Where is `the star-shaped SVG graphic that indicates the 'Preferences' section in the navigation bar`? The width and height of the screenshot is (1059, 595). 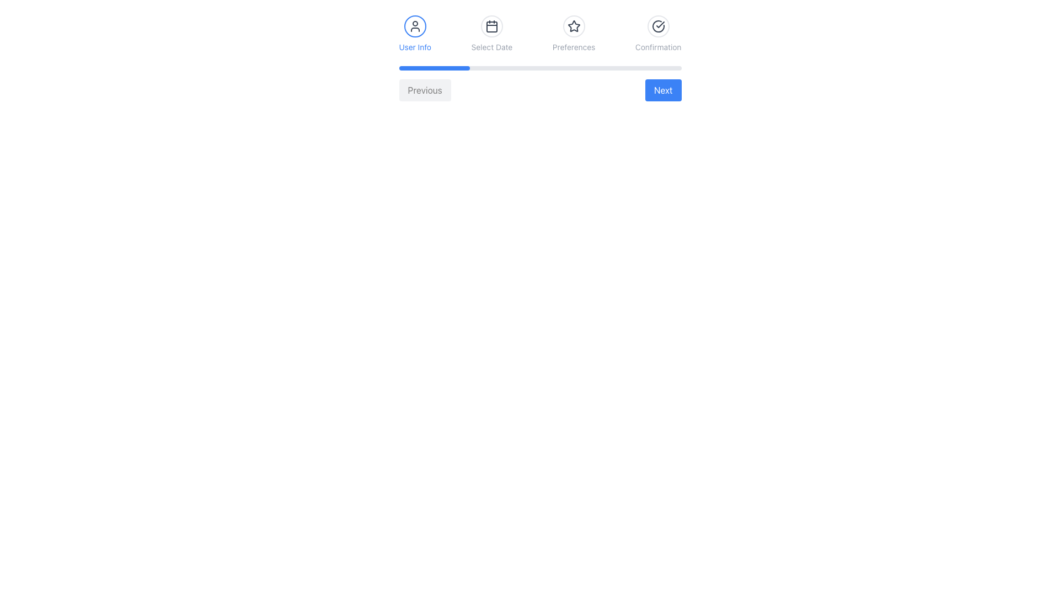
the star-shaped SVG graphic that indicates the 'Preferences' section in the navigation bar is located at coordinates (574, 25).